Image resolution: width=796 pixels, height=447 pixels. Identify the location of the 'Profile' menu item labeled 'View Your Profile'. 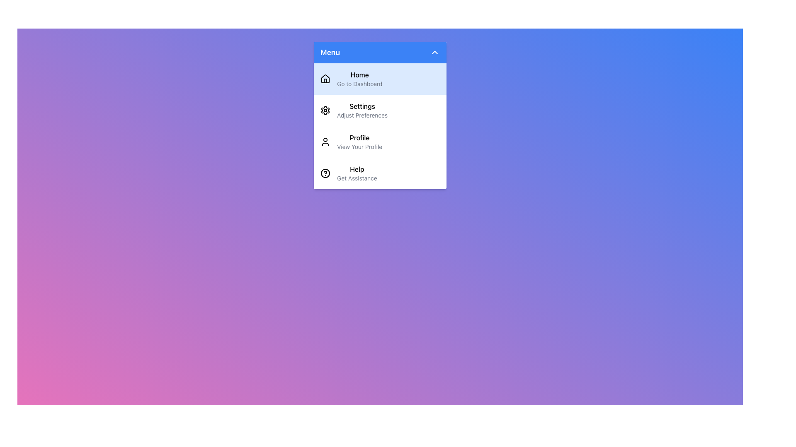
(359, 142).